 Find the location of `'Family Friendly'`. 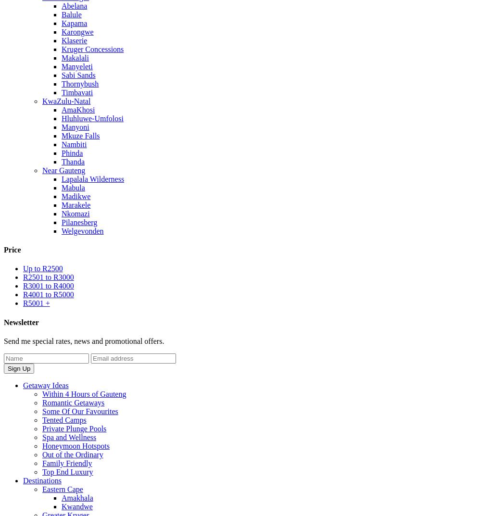

'Family Friendly' is located at coordinates (67, 463).